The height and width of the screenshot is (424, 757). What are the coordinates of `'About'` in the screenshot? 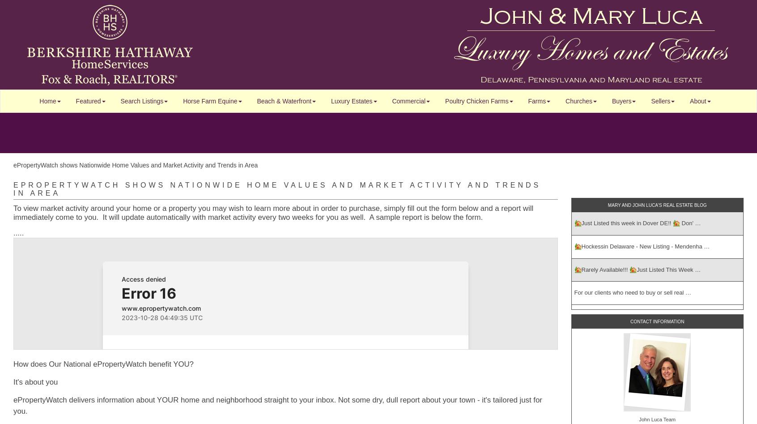 It's located at (697, 101).